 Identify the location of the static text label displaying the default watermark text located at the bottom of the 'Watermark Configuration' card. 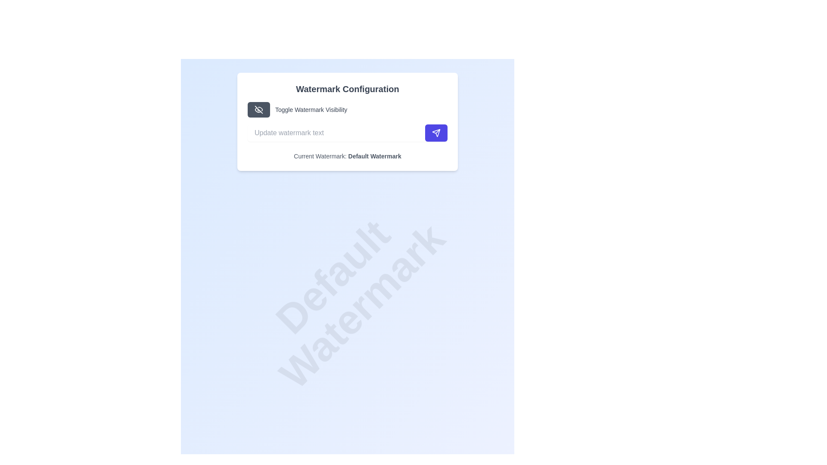
(375, 156).